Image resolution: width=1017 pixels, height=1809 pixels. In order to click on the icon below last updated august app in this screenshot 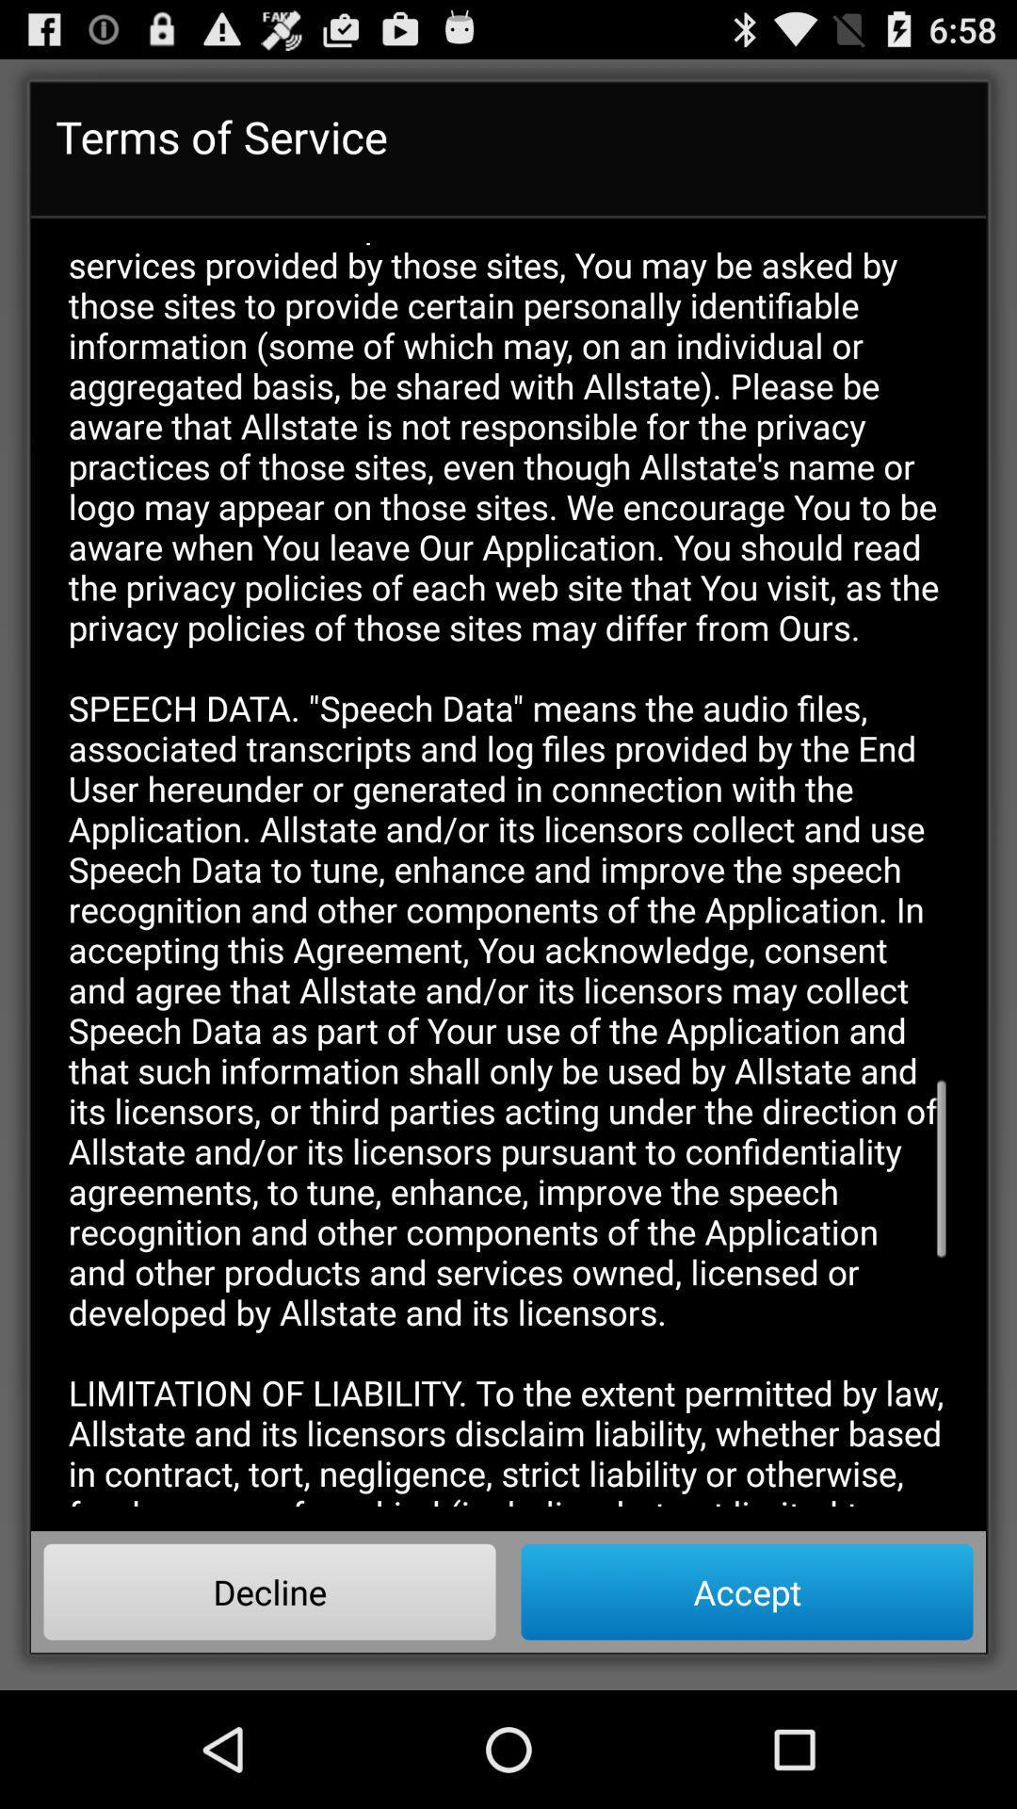, I will do `click(746, 1590)`.